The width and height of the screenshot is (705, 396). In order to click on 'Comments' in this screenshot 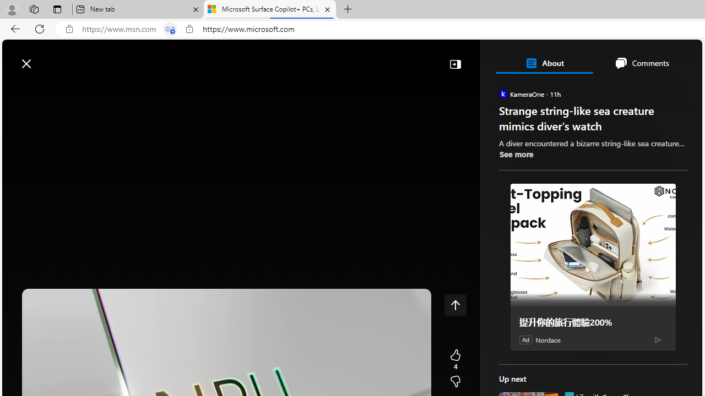, I will do `click(642, 63)`.